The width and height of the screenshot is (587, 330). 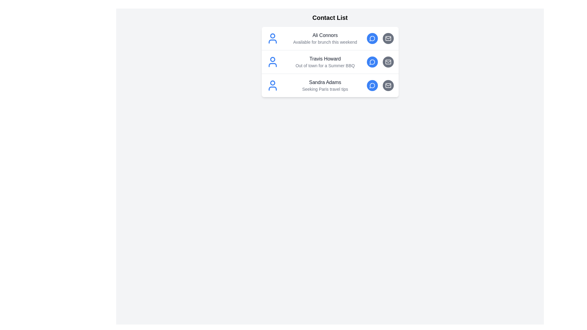 What do you see at coordinates (330, 38) in the screenshot?
I see `the first contact list item displaying user entry information, located under the 'Contact List' heading` at bounding box center [330, 38].